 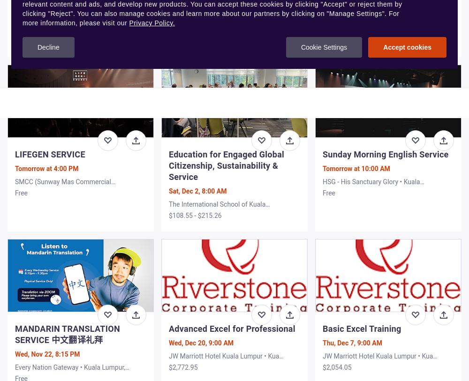 What do you see at coordinates (15, 334) in the screenshot?
I see `'MANDARIN TRANSLATION SERVICE 中文翻译礼拜'` at bounding box center [15, 334].